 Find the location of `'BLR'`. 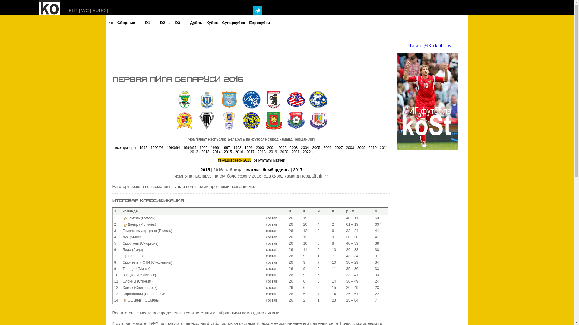

'BLR' is located at coordinates (73, 10).